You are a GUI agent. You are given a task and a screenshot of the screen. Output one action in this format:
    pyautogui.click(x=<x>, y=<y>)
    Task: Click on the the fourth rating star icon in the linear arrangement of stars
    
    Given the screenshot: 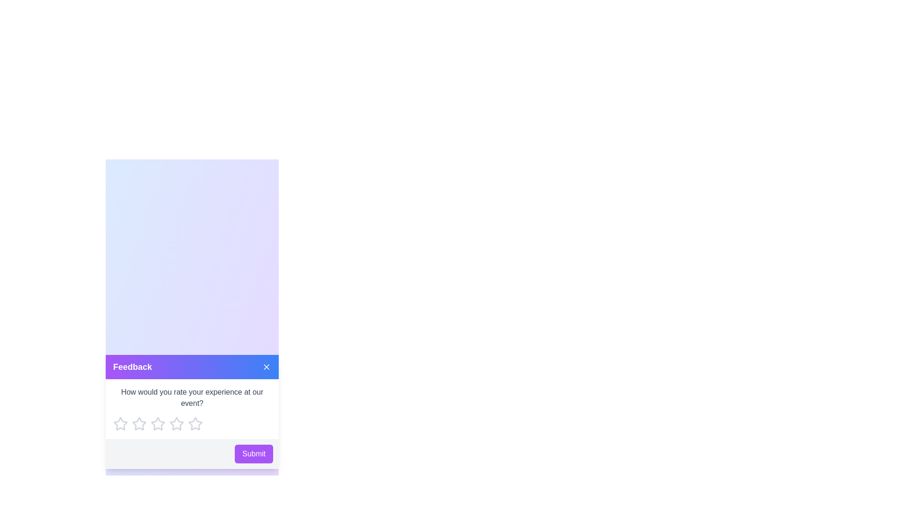 What is the action you would take?
    pyautogui.click(x=177, y=424)
    